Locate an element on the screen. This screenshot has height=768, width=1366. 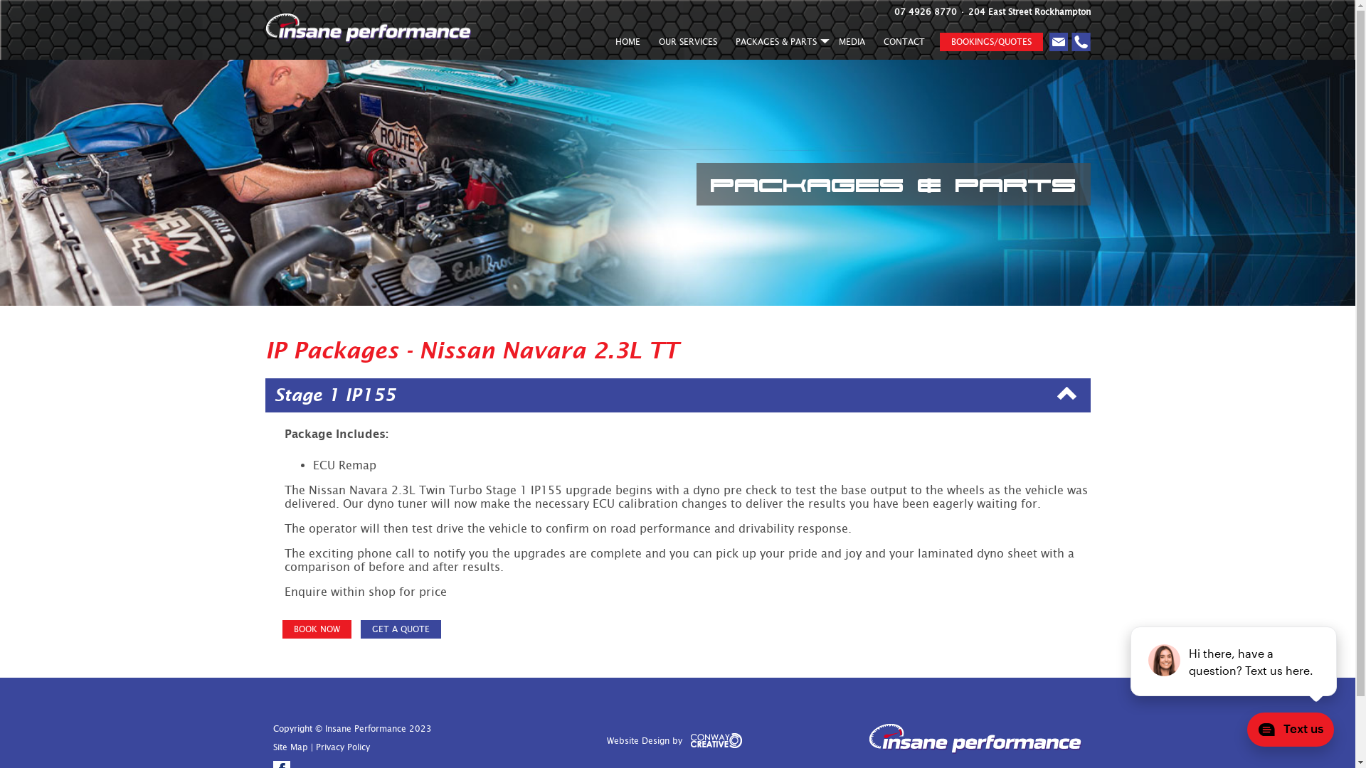
'Site Map' is located at coordinates (290, 746).